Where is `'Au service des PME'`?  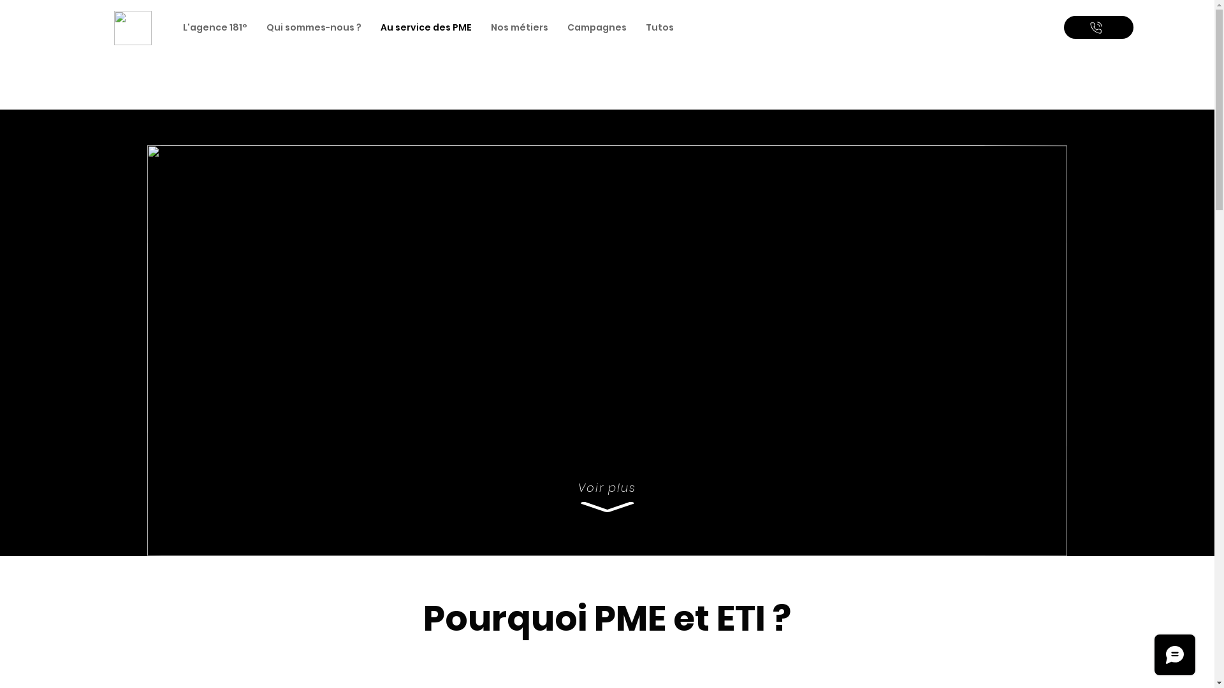 'Au service des PME' is located at coordinates (370, 27).